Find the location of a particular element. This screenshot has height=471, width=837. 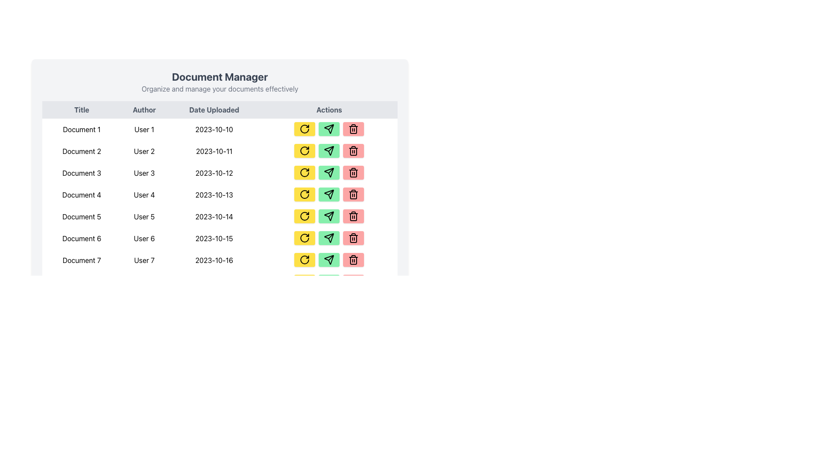

the delete button with a trash bin icon located in the 'Actions' column for 'Document 4' is located at coordinates (354, 194).